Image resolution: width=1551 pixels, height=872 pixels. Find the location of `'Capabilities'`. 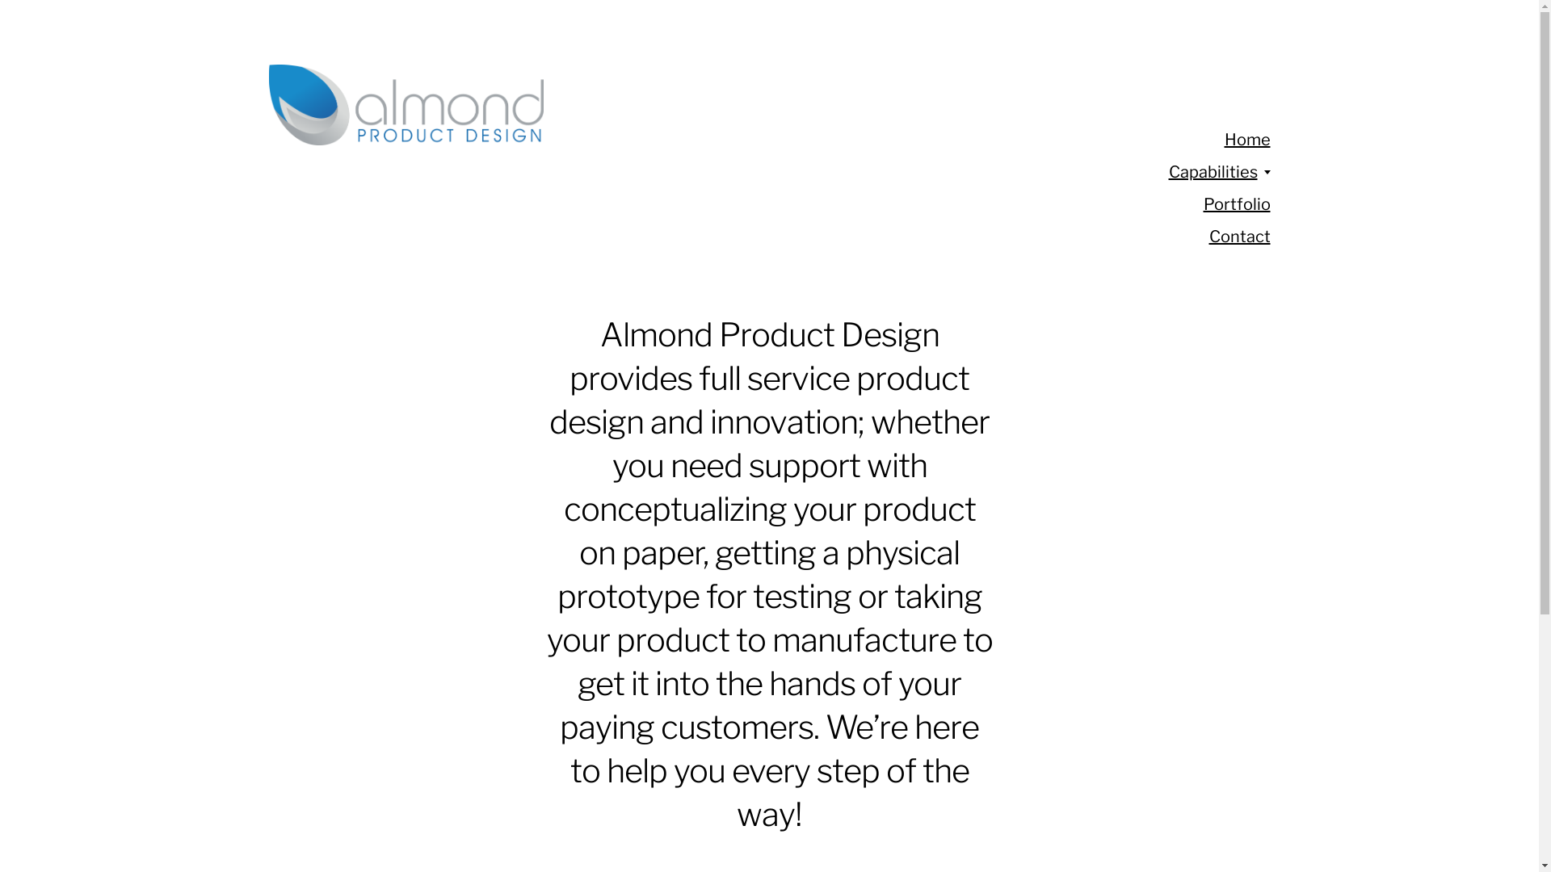

'Capabilities' is located at coordinates (1167, 171).